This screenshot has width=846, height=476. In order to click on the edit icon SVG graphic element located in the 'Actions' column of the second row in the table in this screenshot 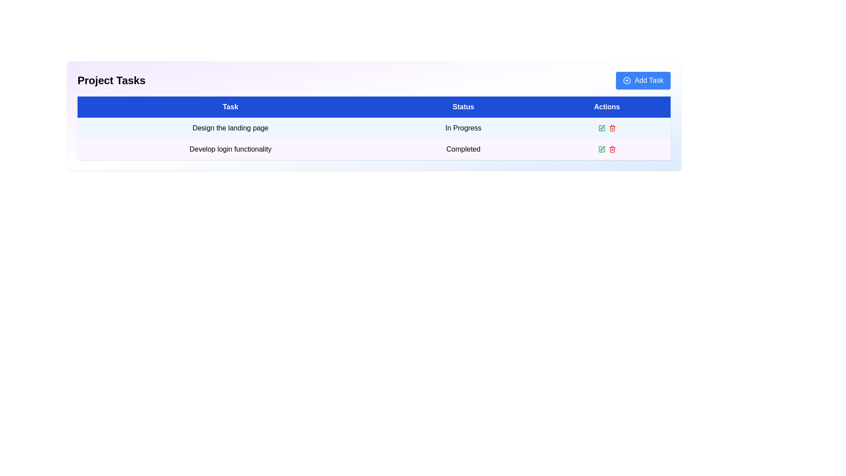, I will do `click(601, 149)`.